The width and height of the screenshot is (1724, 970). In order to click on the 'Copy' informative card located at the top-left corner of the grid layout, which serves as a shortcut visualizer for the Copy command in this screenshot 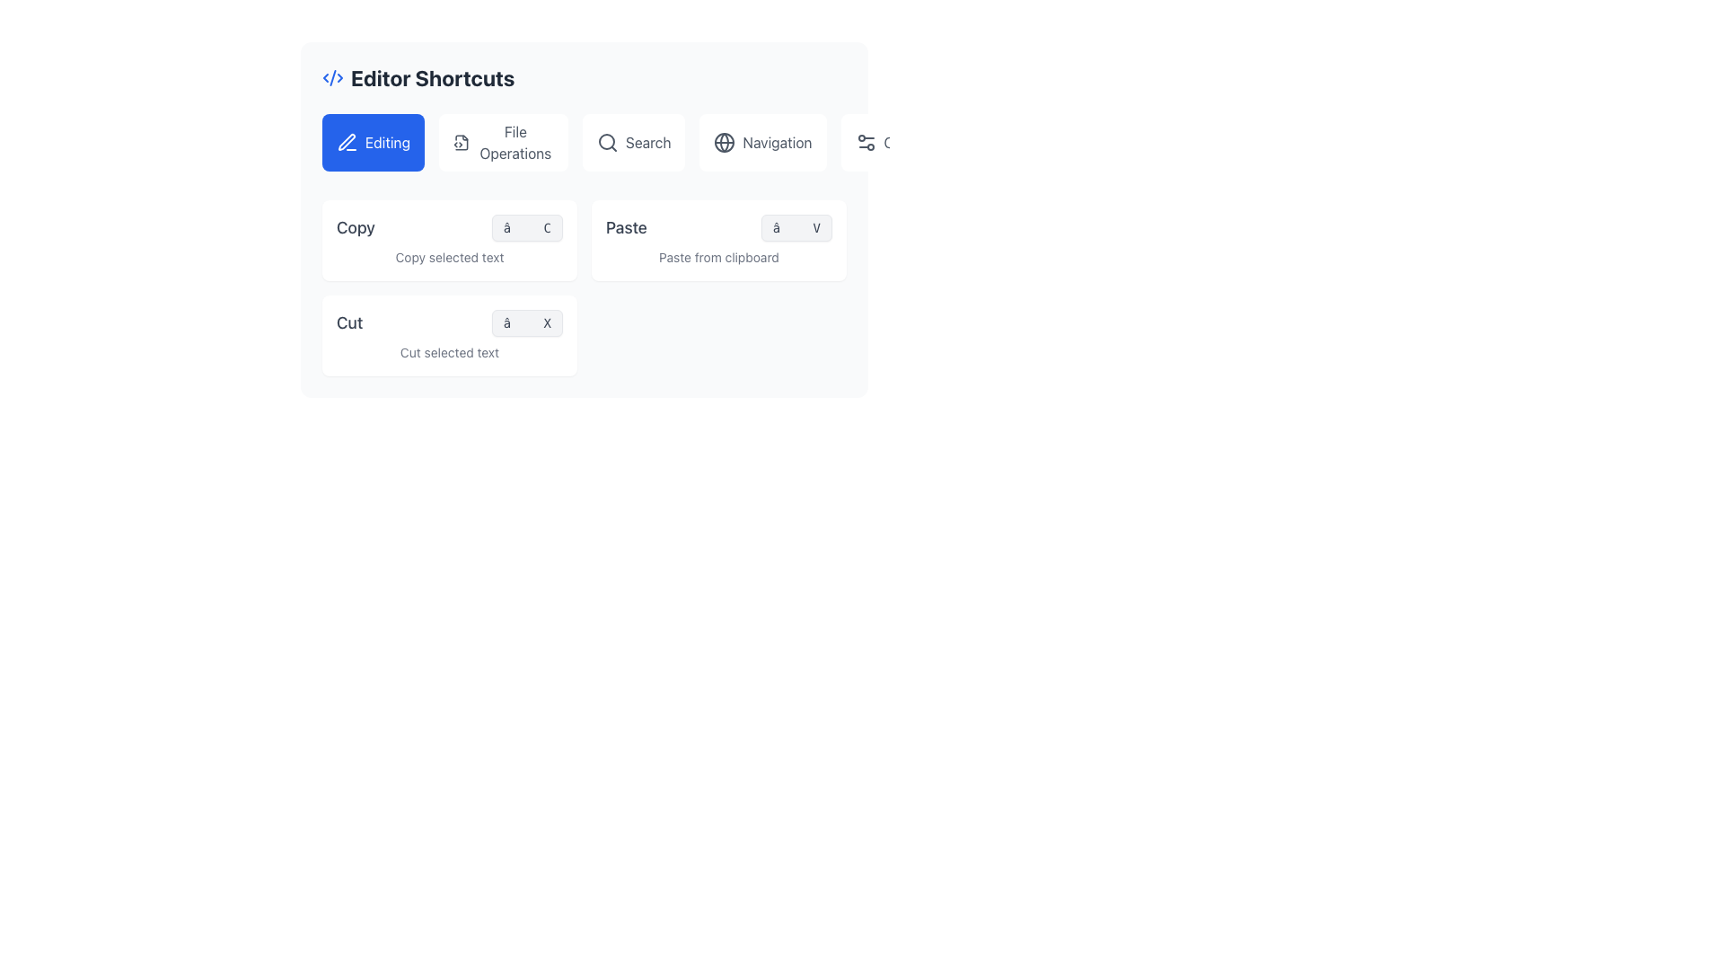, I will do `click(449, 239)`.